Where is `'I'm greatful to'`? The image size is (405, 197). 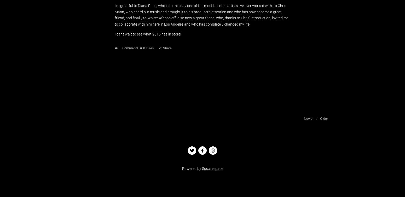 'I'm greatful to' is located at coordinates (126, 5).